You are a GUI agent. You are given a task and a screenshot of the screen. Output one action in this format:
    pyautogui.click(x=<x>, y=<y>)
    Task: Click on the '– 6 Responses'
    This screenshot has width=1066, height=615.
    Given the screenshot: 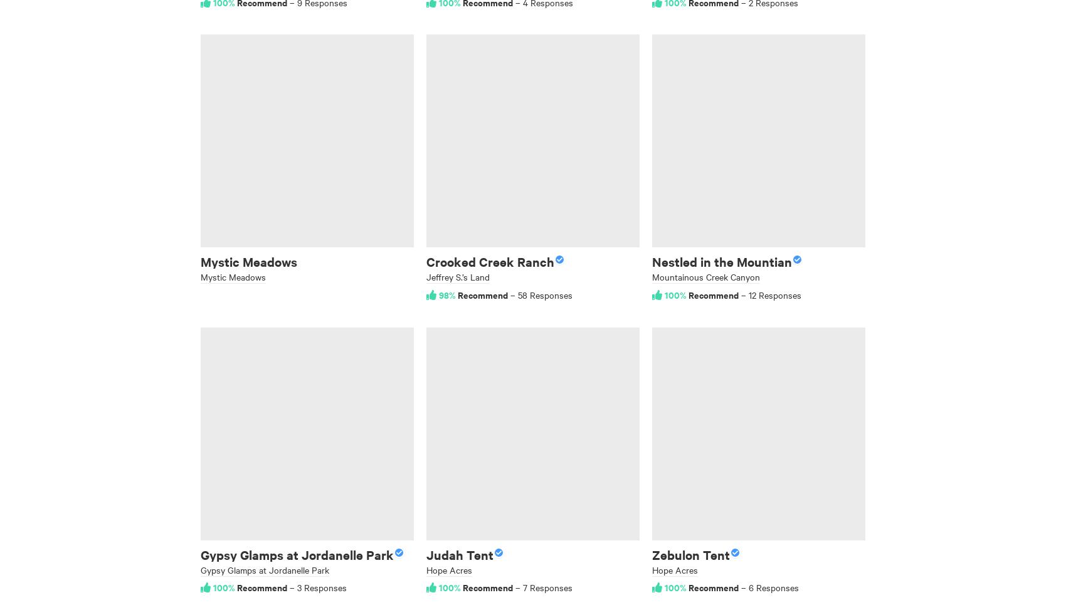 What is the action you would take?
    pyautogui.click(x=768, y=587)
    